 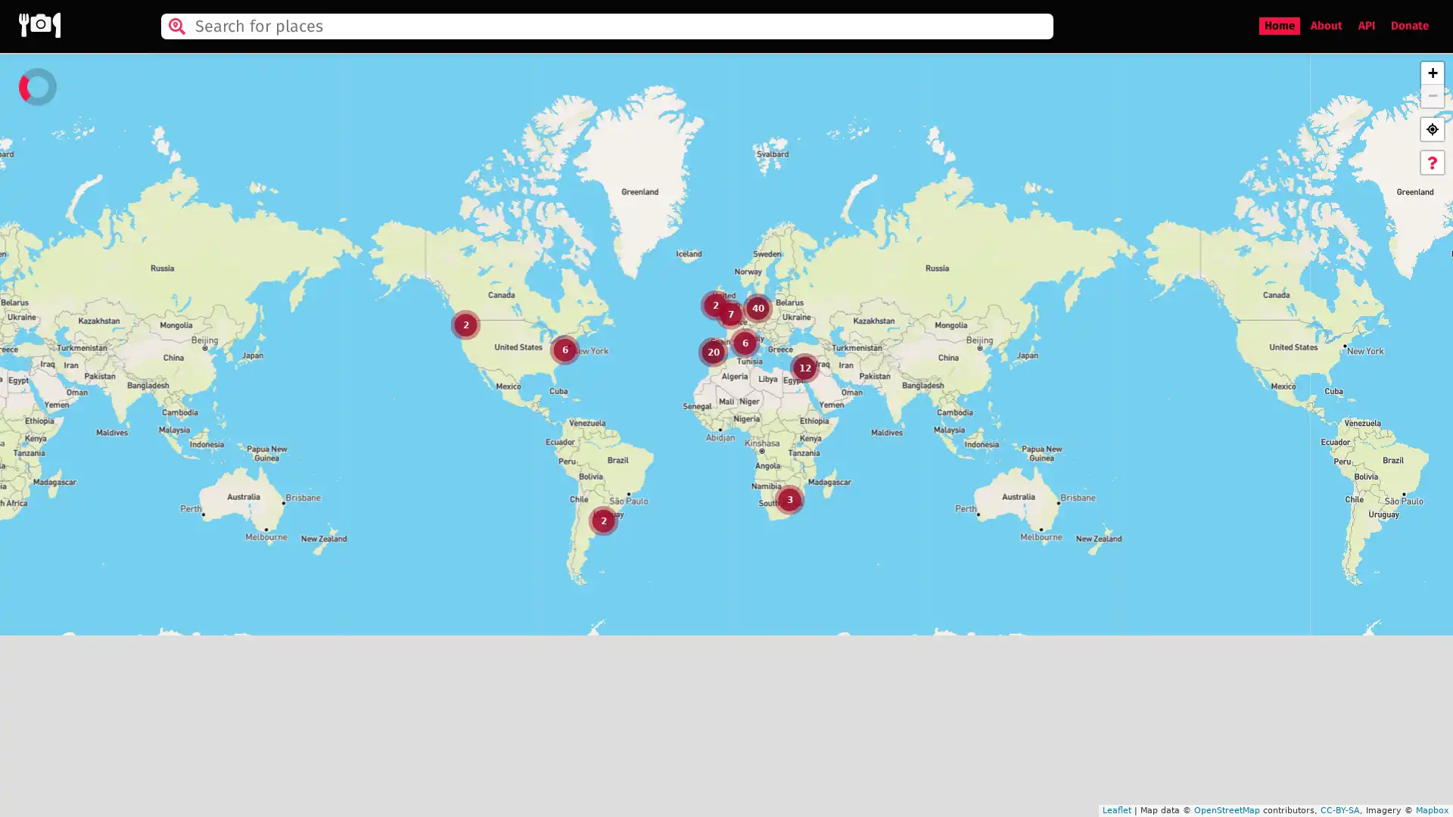 I want to click on Zoom in, so click(x=1431, y=73).